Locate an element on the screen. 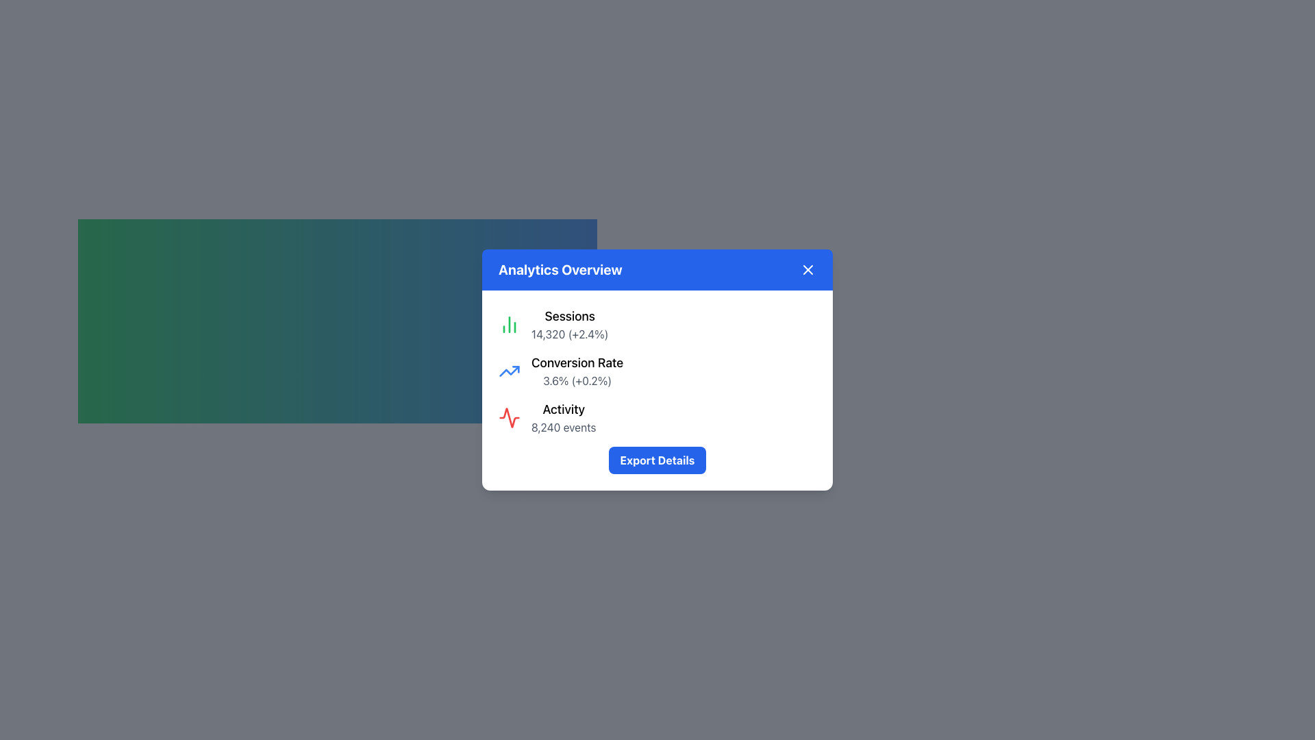  the close button located at the top-right corner of the 'Analytics Overview' panel heading to observe any potential hover effects is located at coordinates (808, 269).